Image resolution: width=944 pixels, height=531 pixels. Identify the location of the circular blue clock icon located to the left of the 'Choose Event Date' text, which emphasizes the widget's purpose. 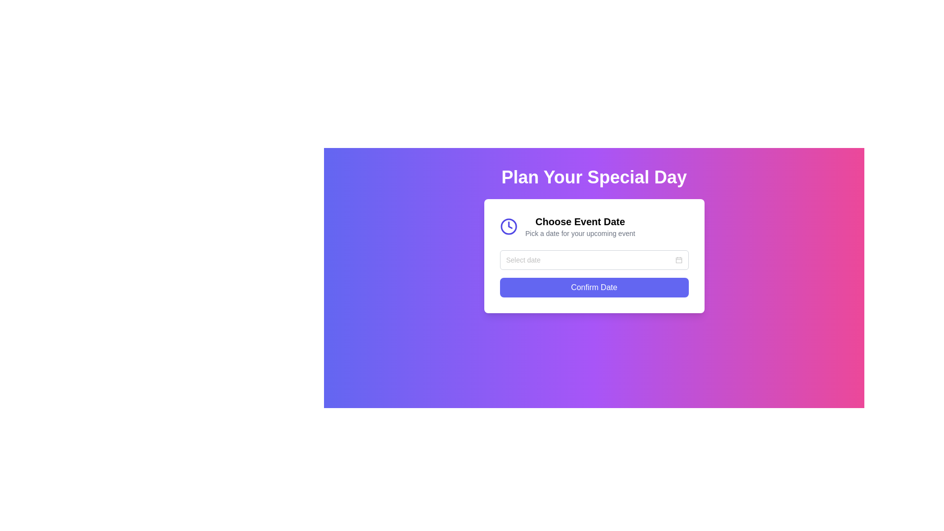
(508, 227).